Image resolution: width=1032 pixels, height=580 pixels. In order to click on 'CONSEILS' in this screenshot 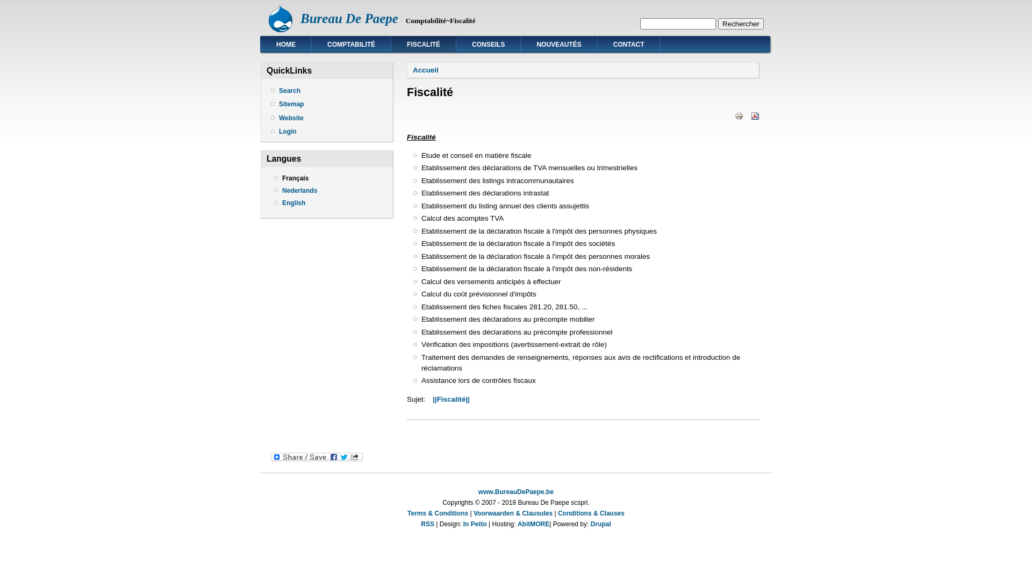, I will do `click(488, 43)`.